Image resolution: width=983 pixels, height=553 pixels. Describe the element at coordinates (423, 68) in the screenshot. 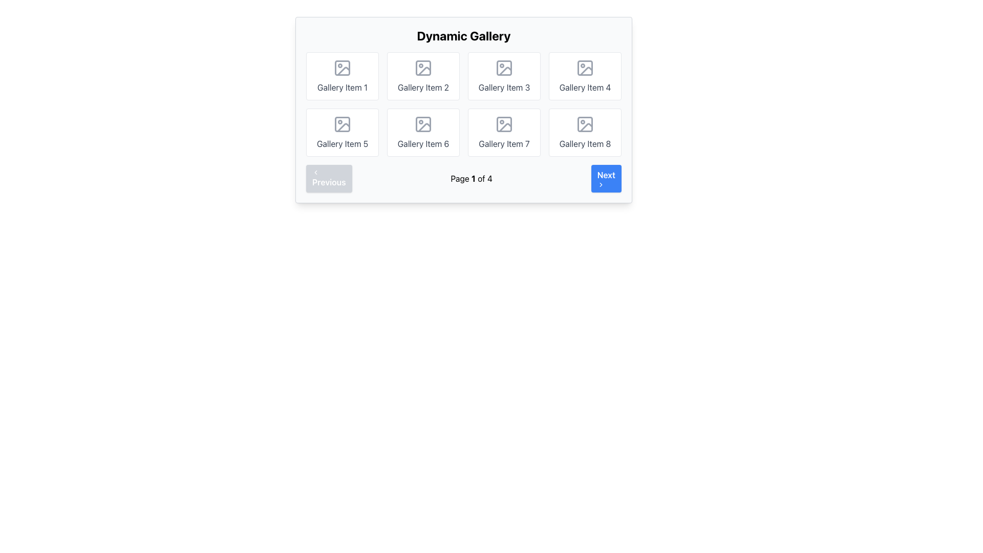

I see `the 'Gallery Item 2' icon, which is a gray rectangular frame with rounded corners containing a circular dot and a diagonal line, representing an image` at that location.